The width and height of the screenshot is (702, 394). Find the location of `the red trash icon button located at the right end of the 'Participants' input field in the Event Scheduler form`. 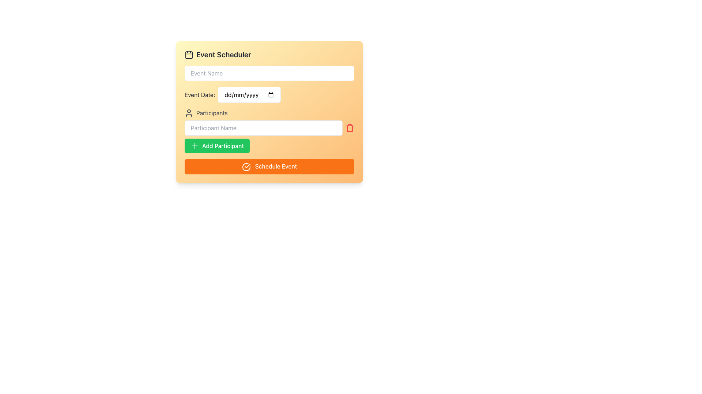

the red trash icon button located at the right end of the 'Participants' input field in the Event Scheduler form is located at coordinates (349, 128).